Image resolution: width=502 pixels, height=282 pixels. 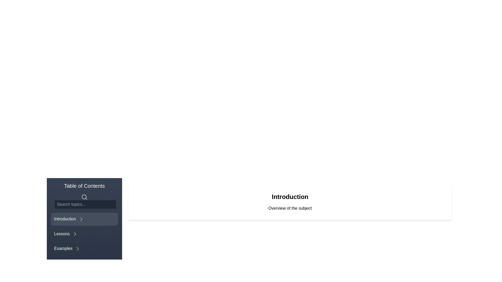 I want to click on the 'Examples' button, which is the third button in the vertical list located below the 'Lessons' button and above the 'FAQs' button, so click(x=84, y=248).